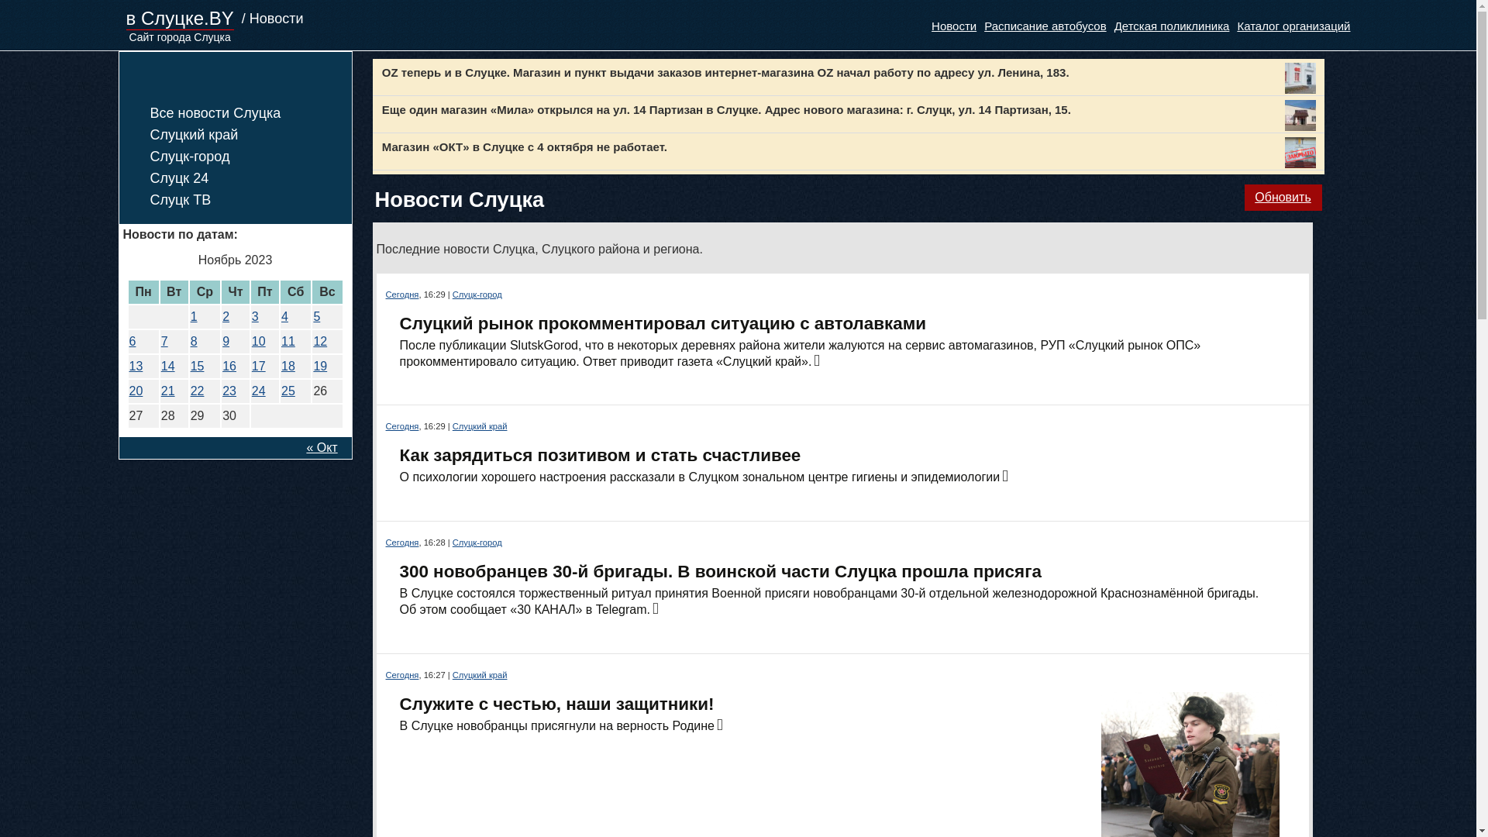  I want to click on '18', so click(288, 366).